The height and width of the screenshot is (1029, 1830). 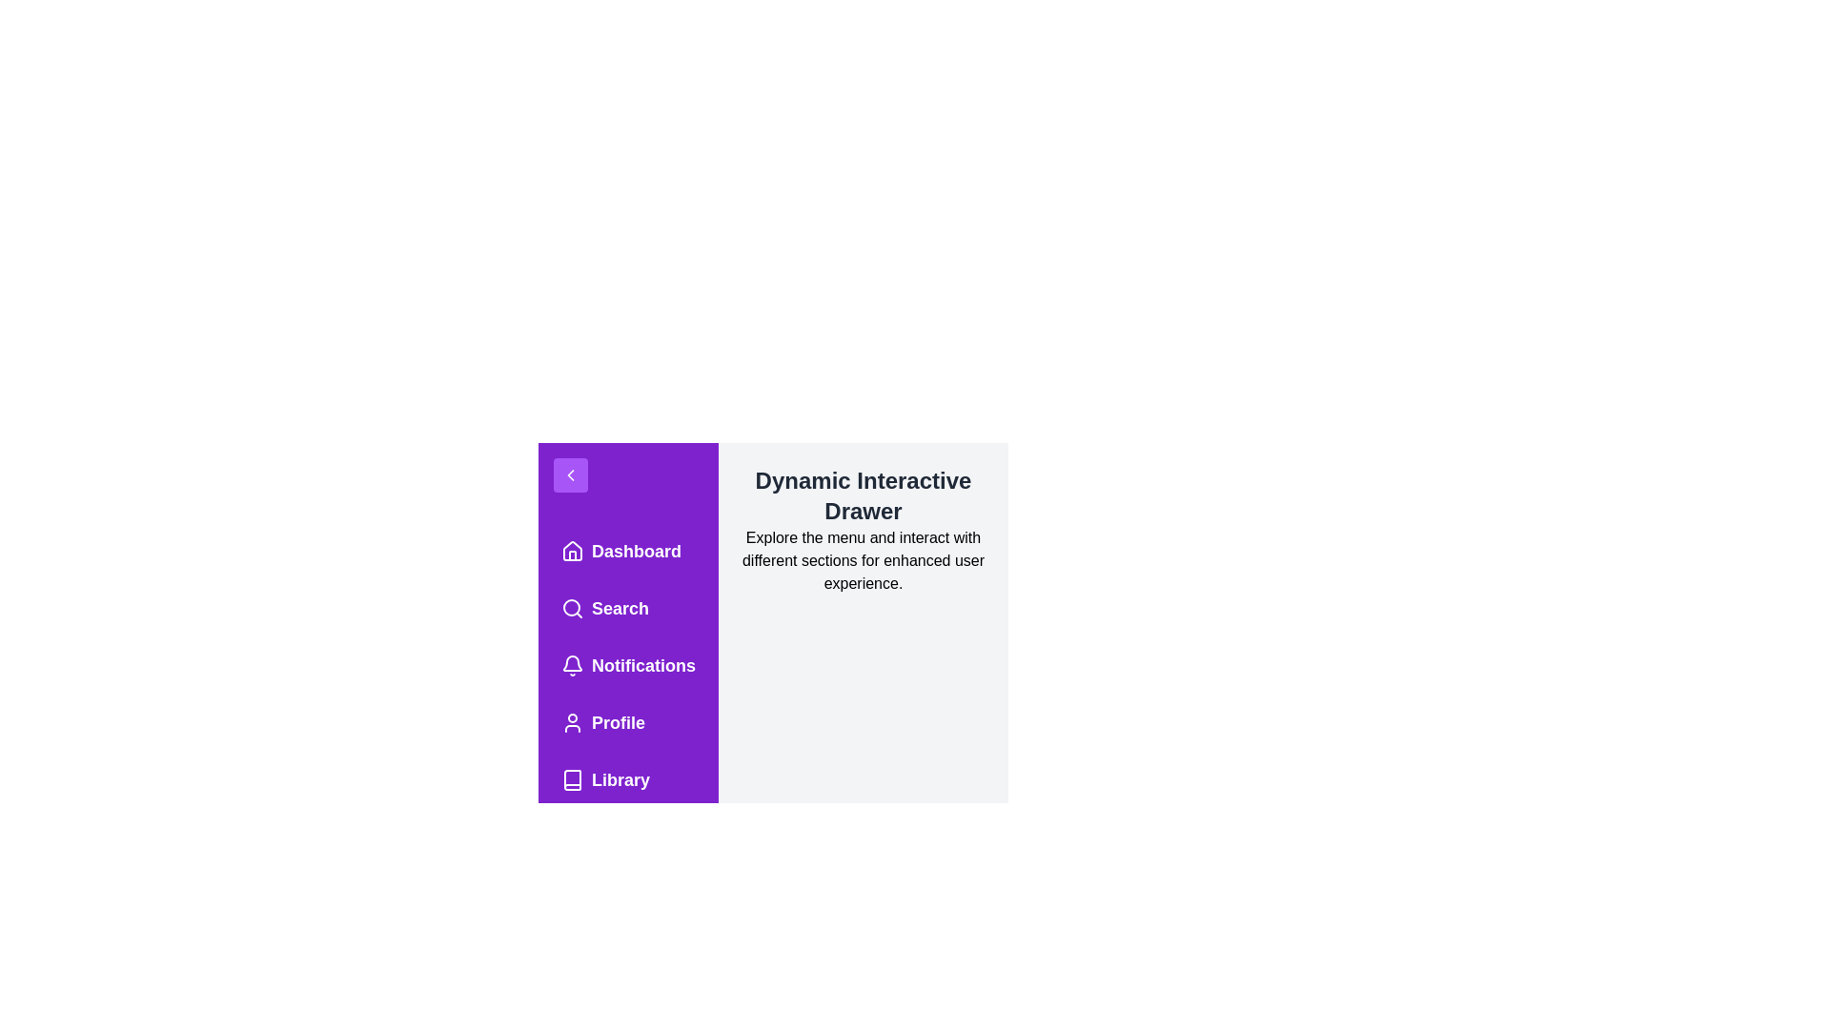 I want to click on the menu item labeled Profile, so click(x=628, y=723).